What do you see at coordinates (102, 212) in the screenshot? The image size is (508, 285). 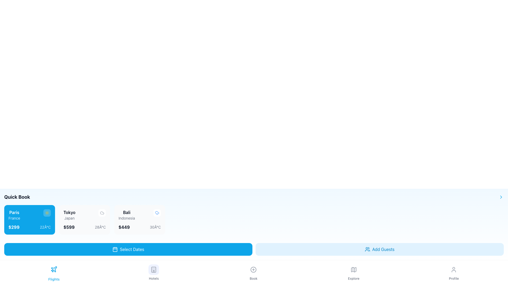 I see `the gray cloud icon located in the 'Bali Indonesia' section, which is positioned to the right of the temperature value and below the primary text` at bounding box center [102, 212].